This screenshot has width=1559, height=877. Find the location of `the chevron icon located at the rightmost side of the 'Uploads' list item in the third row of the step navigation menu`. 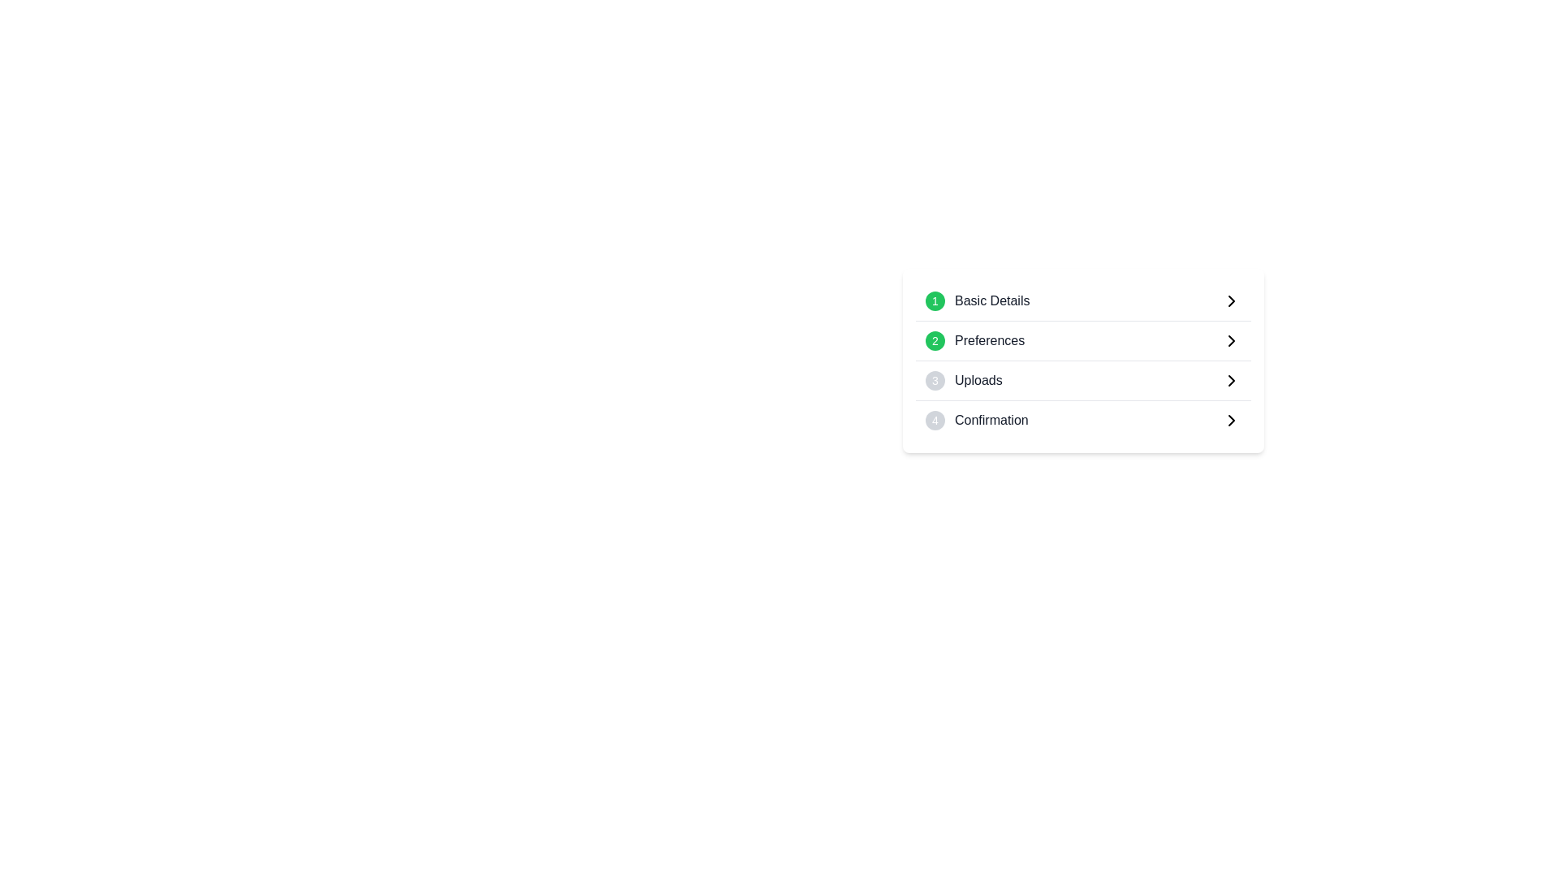

the chevron icon located at the rightmost side of the 'Uploads' list item in the third row of the step navigation menu is located at coordinates (1231, 381).